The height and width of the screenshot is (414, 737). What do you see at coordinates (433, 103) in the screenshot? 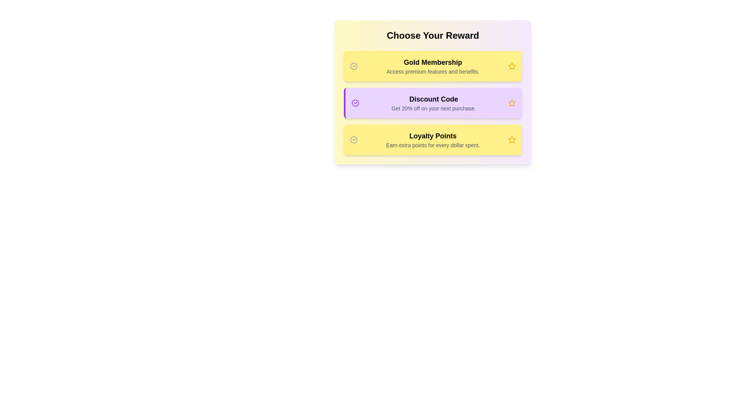
I see `the reward description text of Discount Code` at bounding box center [433, 103].